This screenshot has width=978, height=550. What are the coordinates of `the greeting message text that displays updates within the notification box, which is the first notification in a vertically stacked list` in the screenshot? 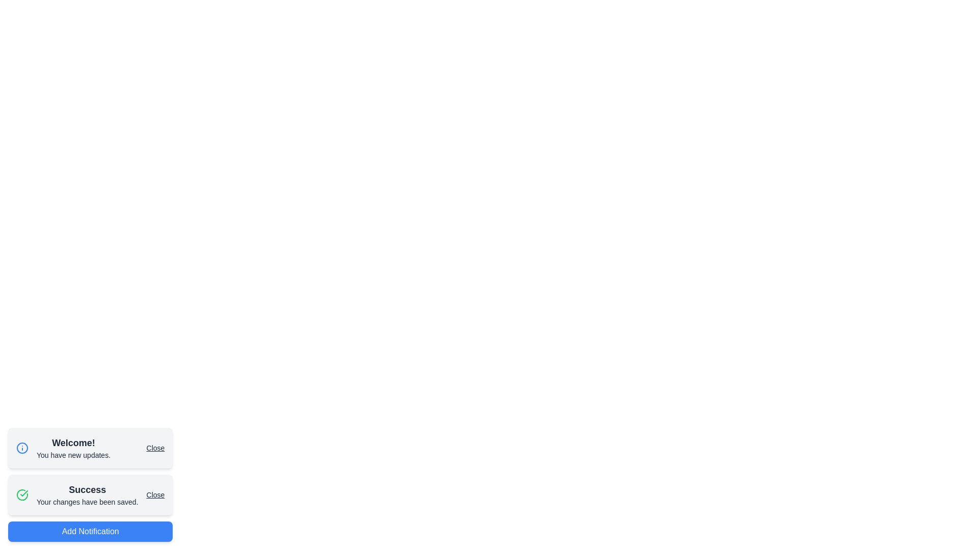 It's located at (73, 447).